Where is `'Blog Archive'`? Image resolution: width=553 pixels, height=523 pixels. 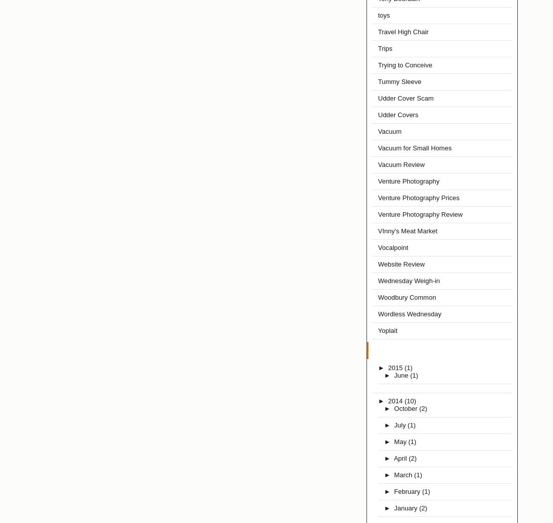
'Blog Archive' is located at coordinates (373, 351).